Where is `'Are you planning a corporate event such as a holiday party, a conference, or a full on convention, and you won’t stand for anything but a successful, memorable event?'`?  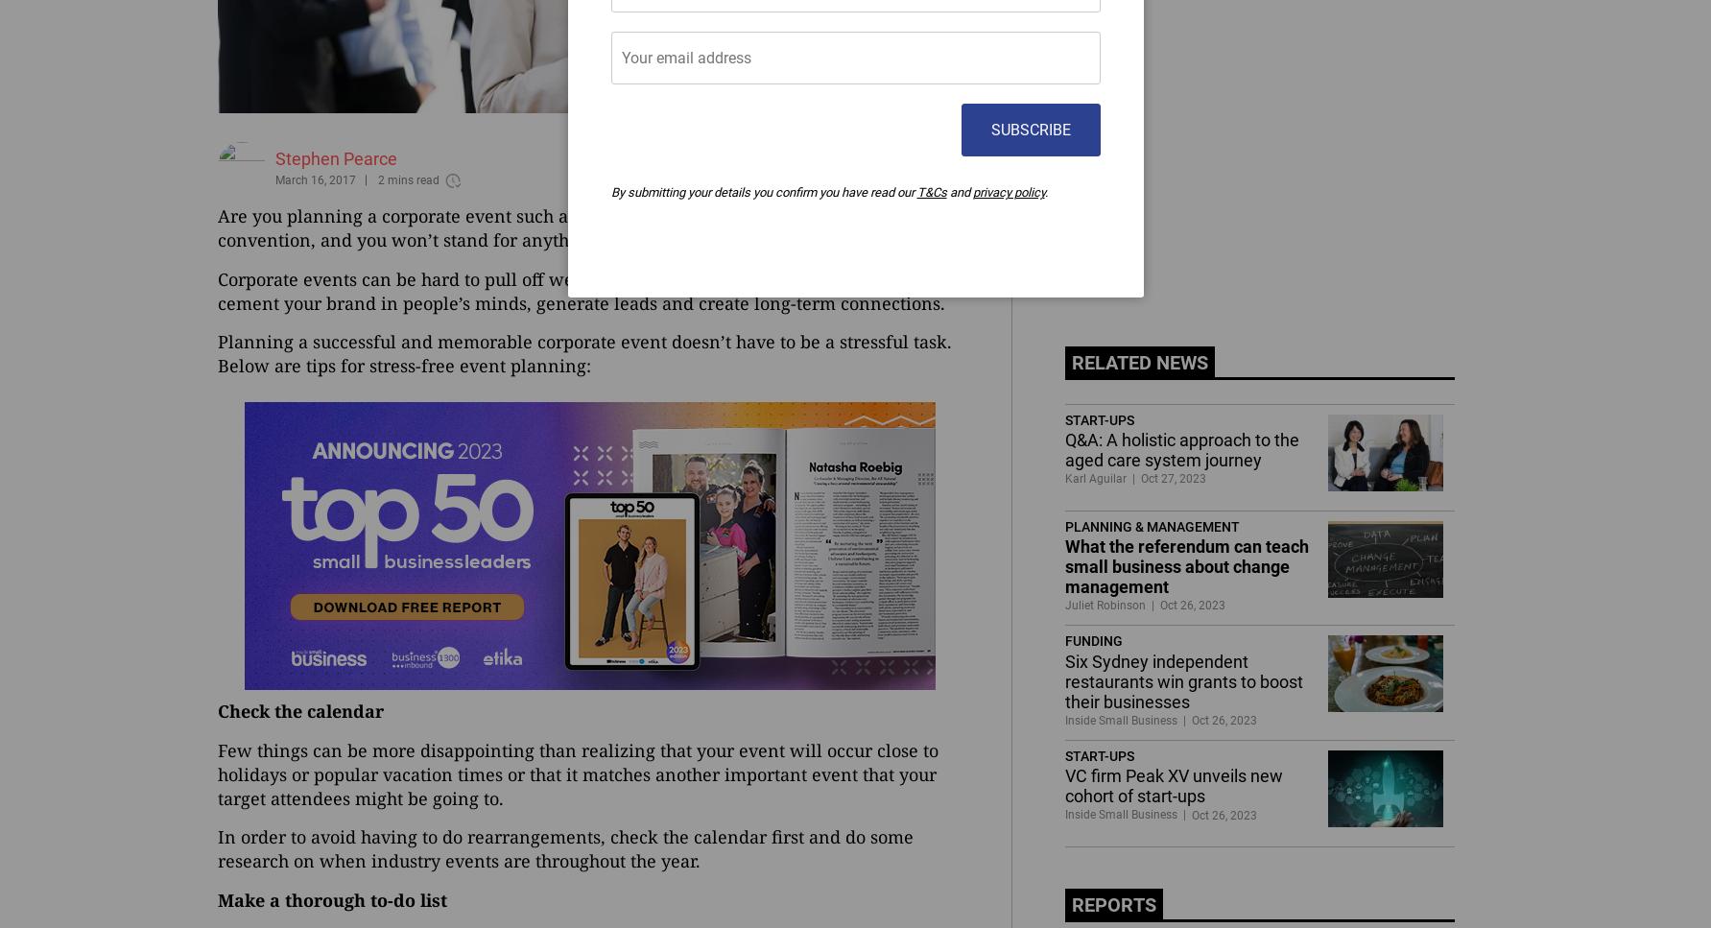 'Are you planning a corporate event such as a holiday party, a conference, or a full on convention, and you won’t stand for anything but a successful, memorable event?' is located at coordinates (566, 227).